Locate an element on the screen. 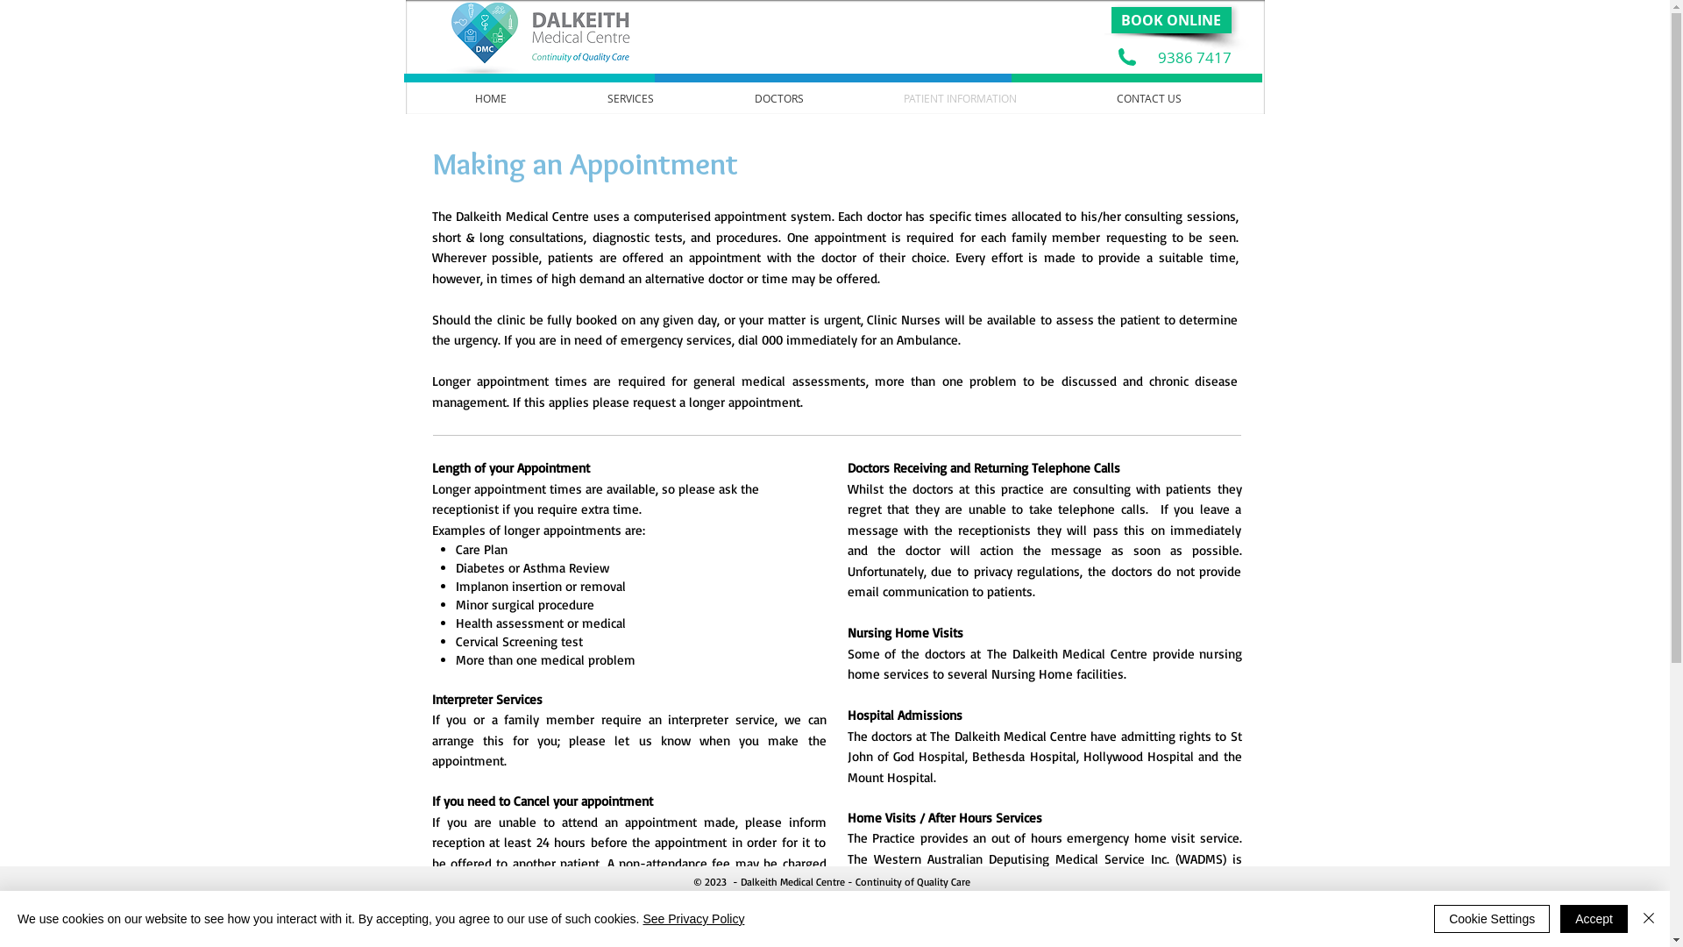 The width and height of the screenshot is (1683, 947). 'See Privacy Policy' is located at coordinates (692, 918).